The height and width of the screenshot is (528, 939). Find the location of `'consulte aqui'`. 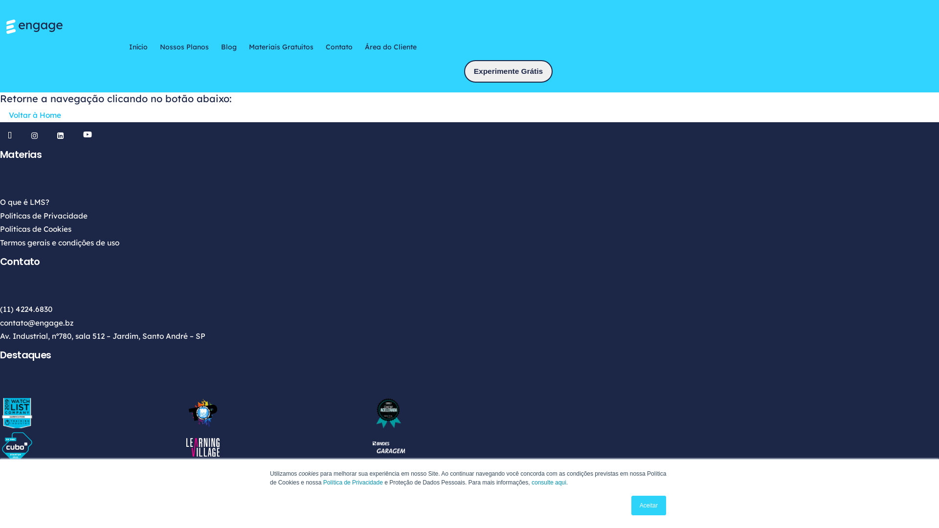

'consulte aqui' is located at coordinates (531, 482).